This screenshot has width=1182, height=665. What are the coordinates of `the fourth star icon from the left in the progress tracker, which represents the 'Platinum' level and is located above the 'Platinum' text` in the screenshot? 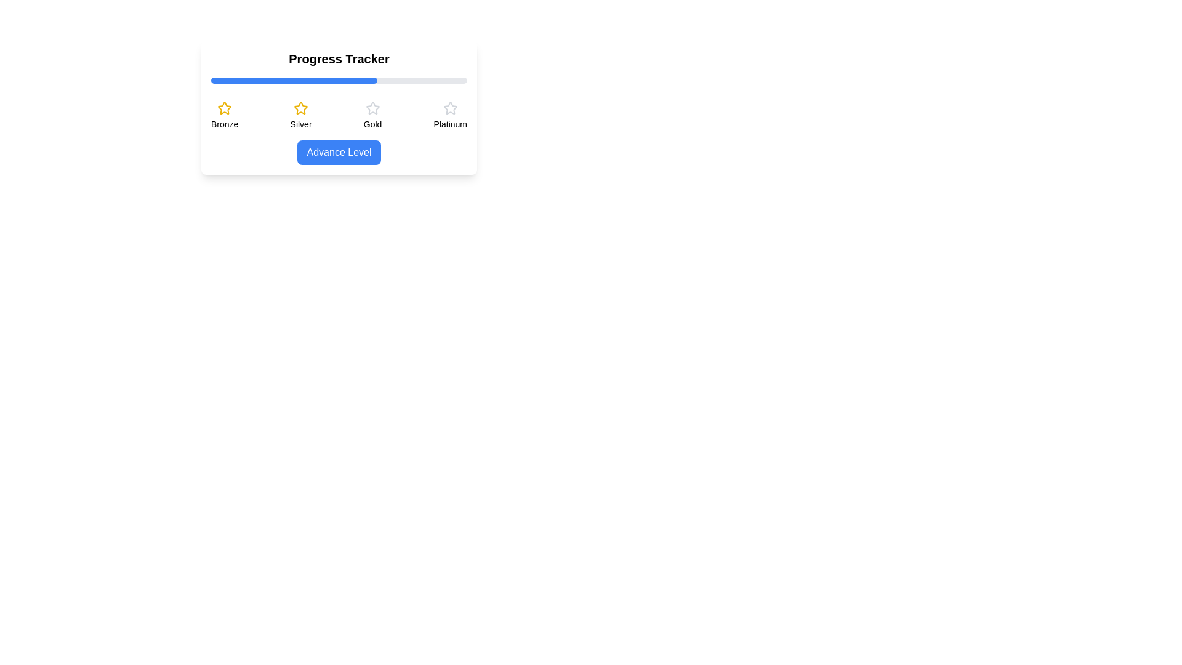 It's located at (449, 108).